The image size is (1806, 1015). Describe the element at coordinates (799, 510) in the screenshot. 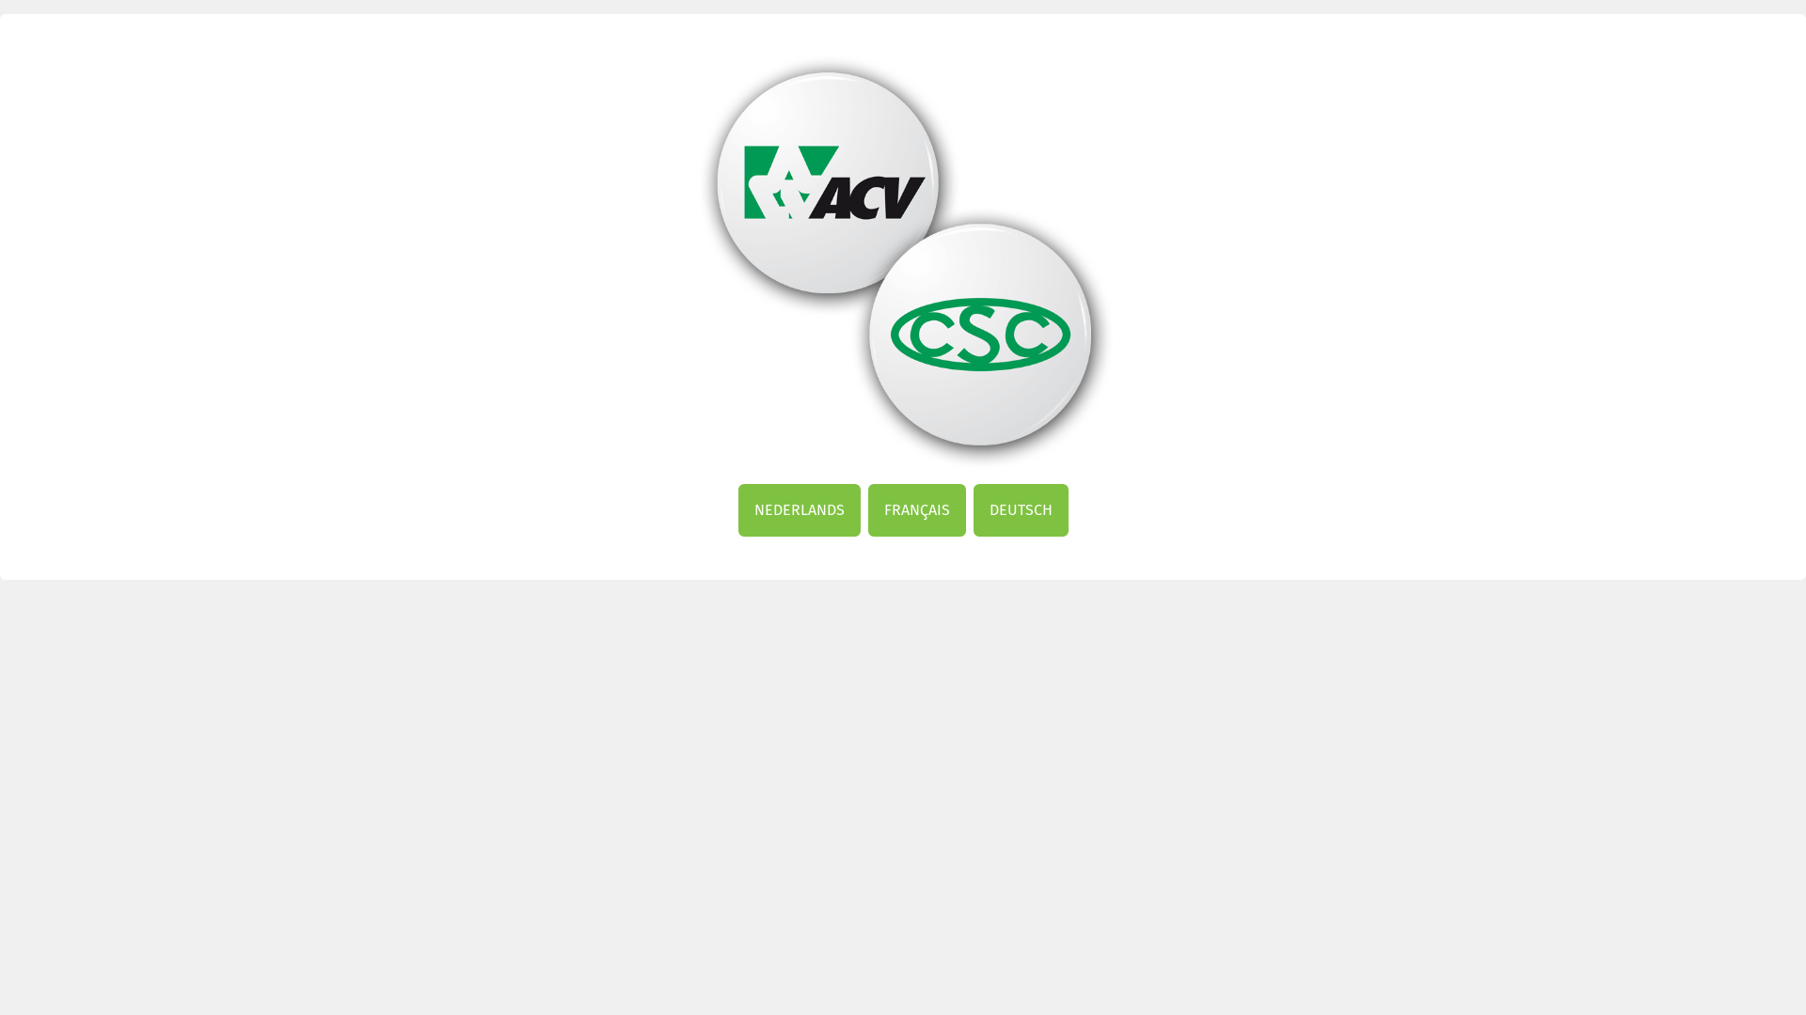

I see `'NEDERLANDS'` at that location.